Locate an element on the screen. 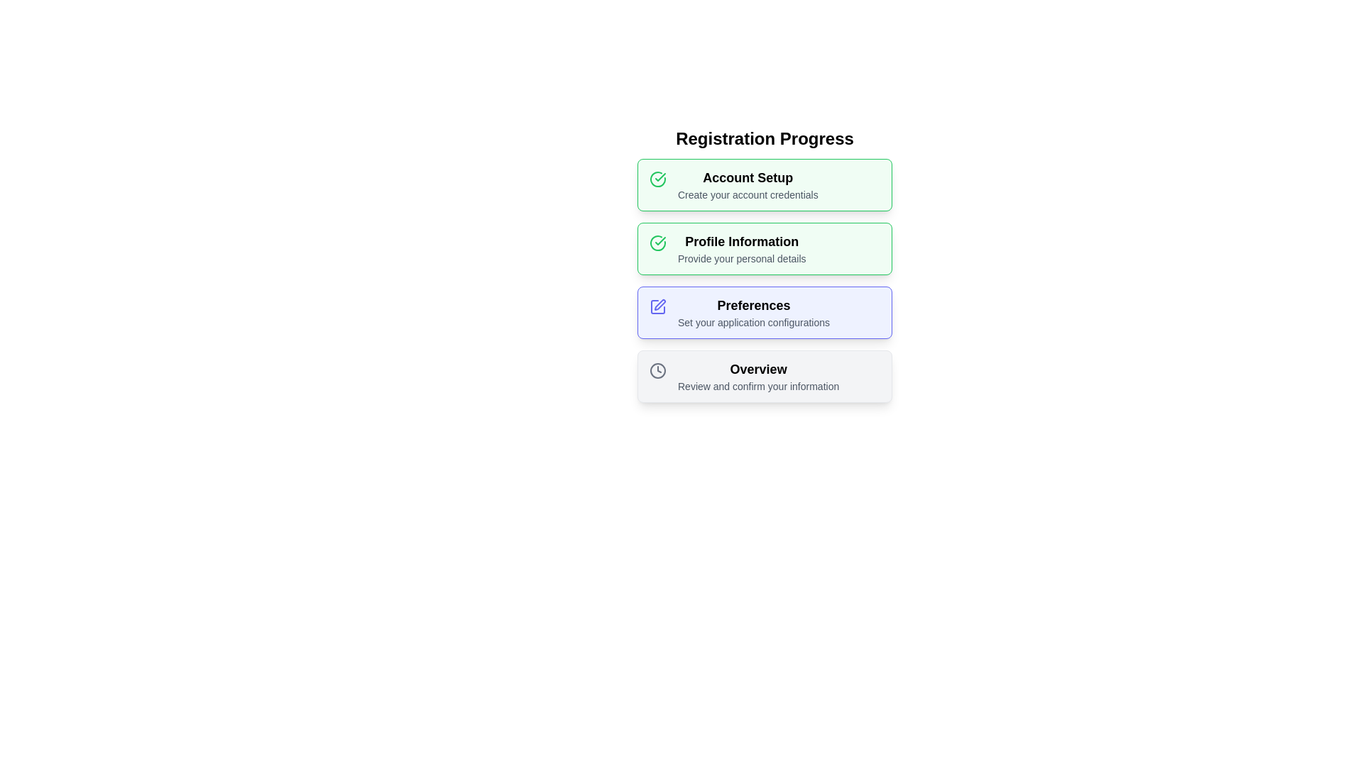 The image size is (1363, 766). the 'Preferences' informational box located between 'Profile Information' and 'Overview' is located at coordinates (764, 281).